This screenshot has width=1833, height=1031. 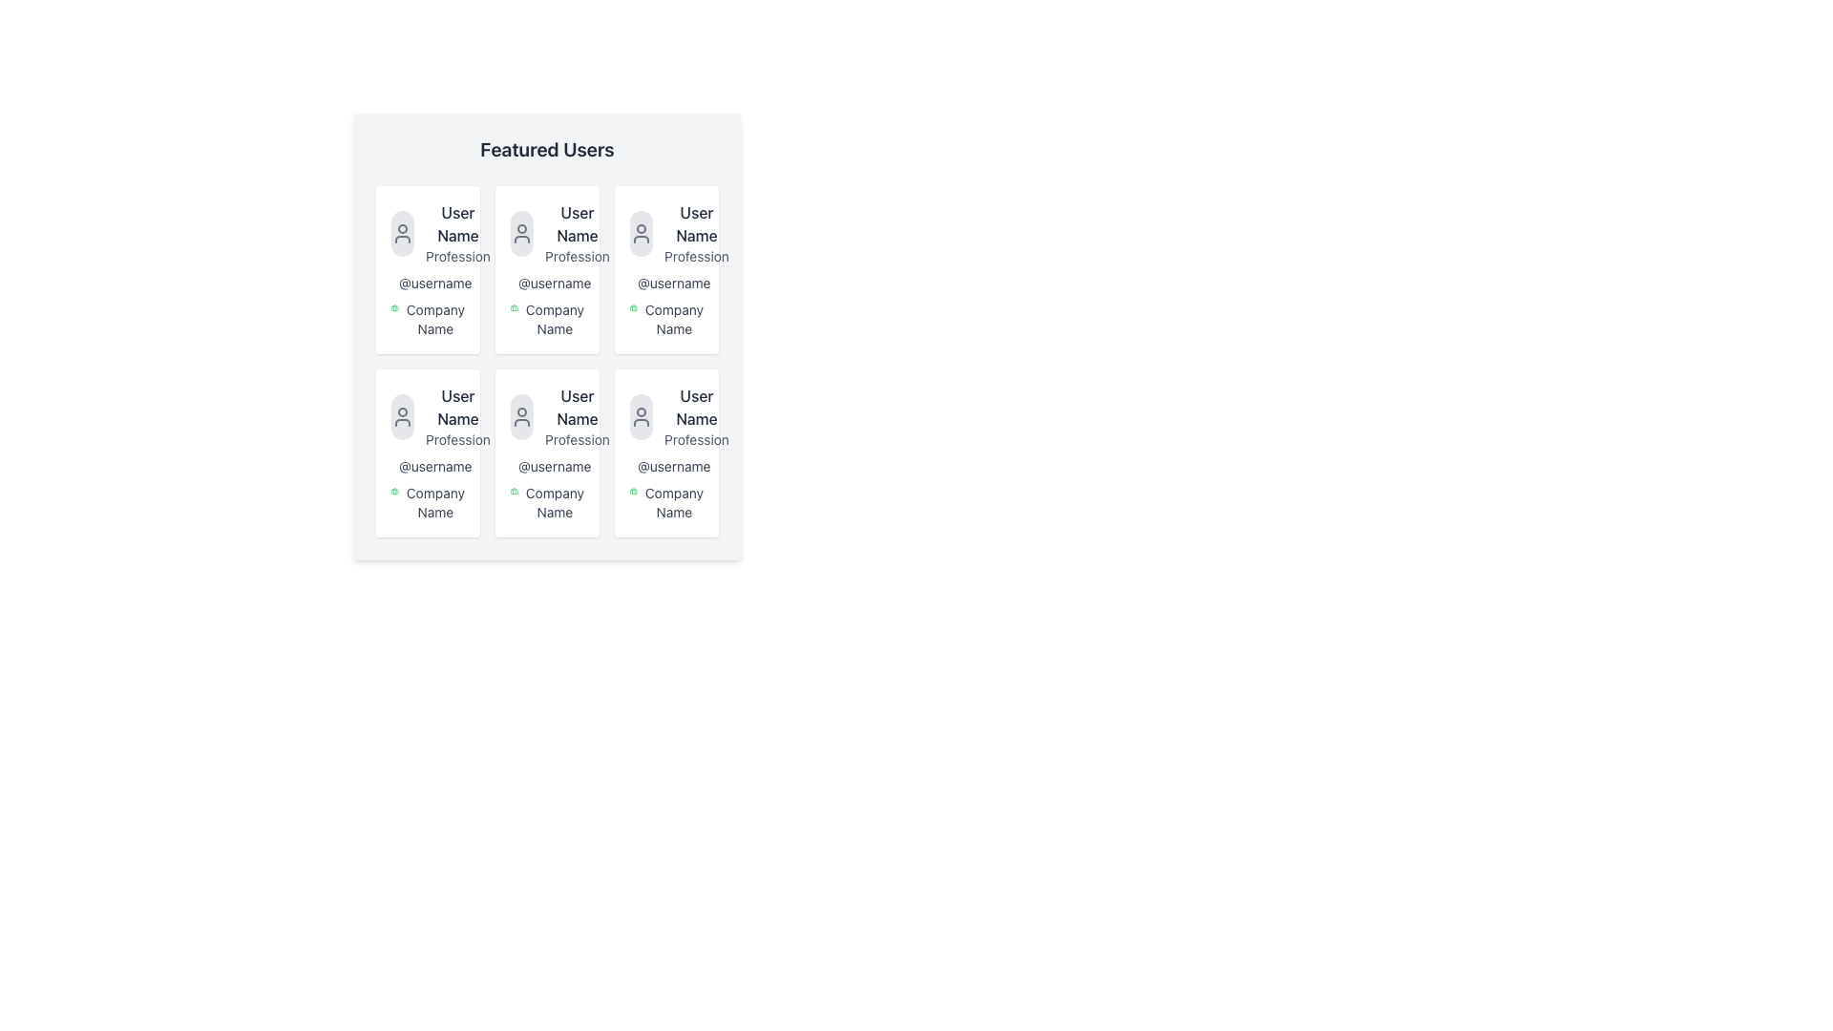 I want to click on the user profile icon located in the bottom-right card of a 3x2 grid, positioned above the text 'User Name' and 'Profession', so click(x=642, y=415).